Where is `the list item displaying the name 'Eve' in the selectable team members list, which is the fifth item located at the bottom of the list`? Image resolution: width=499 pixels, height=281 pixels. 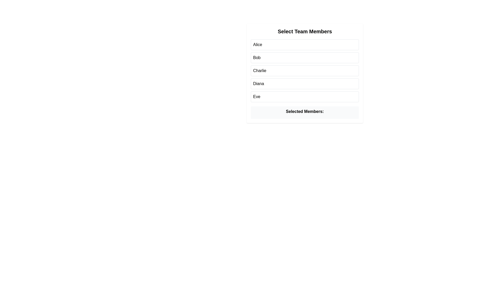
the list item displaying the name 'Eve' in the selectable team members list, which is the fifth item located at the bottom of the list is located at coordinates (305, 97).